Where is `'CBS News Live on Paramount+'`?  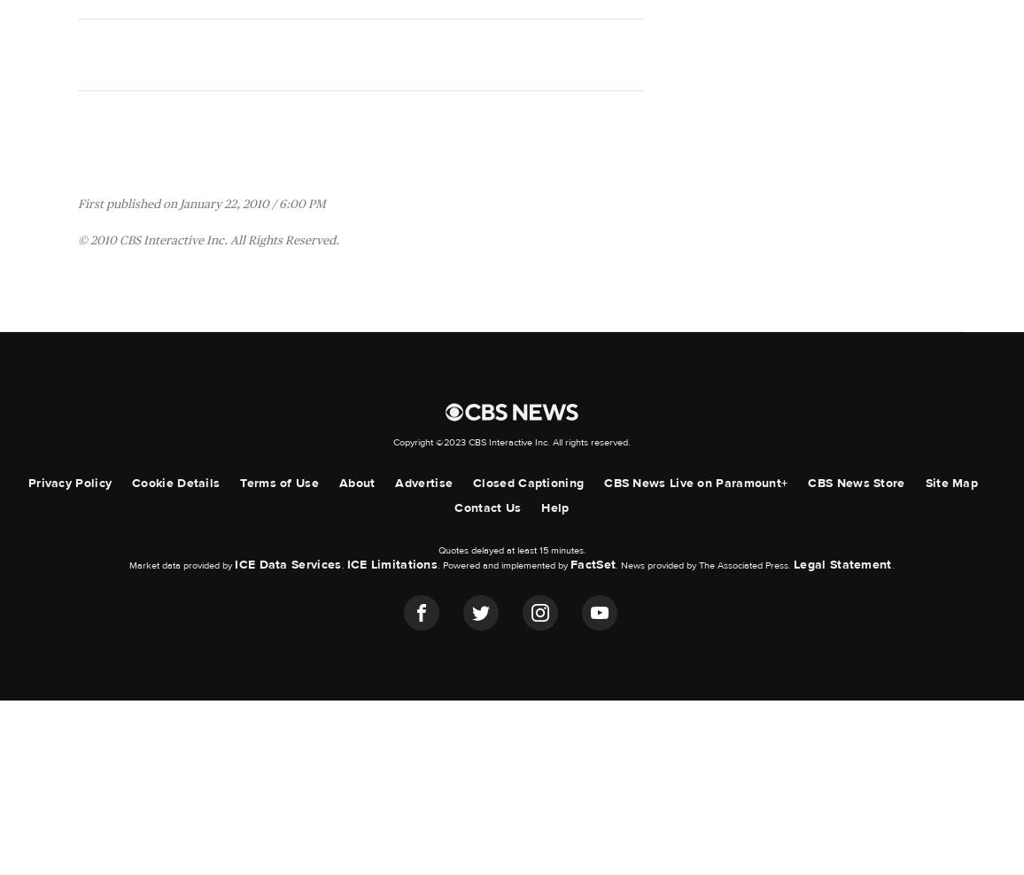 'CBS News Live on Paramount+' is located at coordinates (694, 482).